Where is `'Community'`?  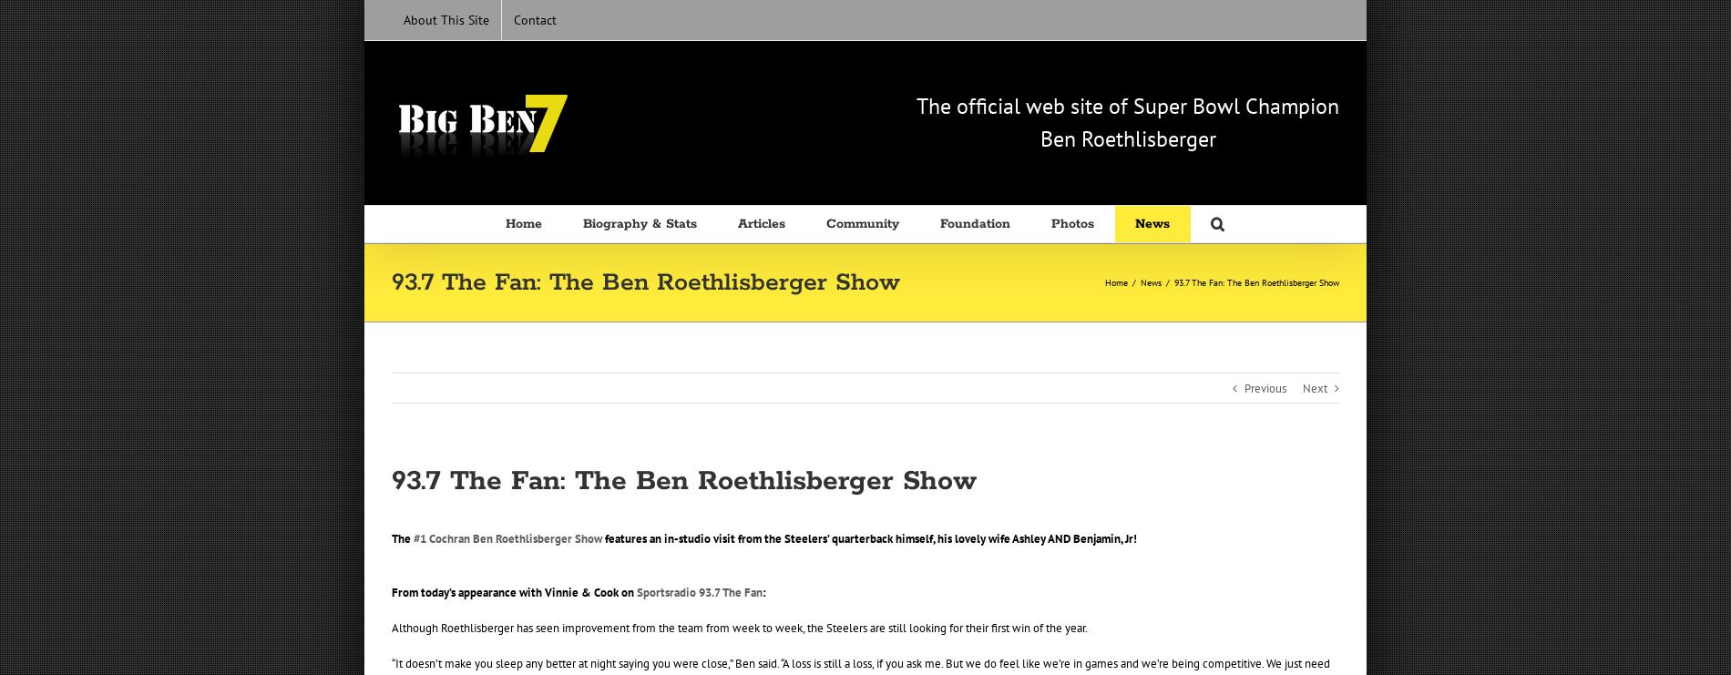
'Community' is located at coordinates (861, 223).